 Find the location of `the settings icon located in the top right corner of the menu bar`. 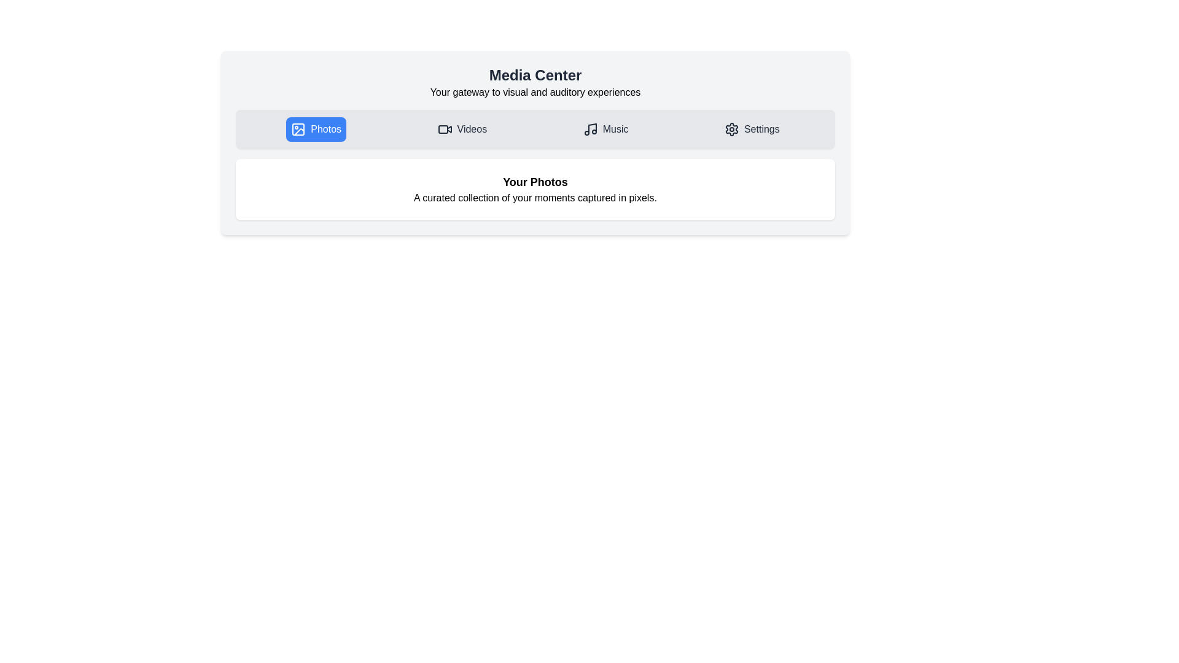

the settings icon located in the top right corner of the menu bar is located at coordinates (731, 130).